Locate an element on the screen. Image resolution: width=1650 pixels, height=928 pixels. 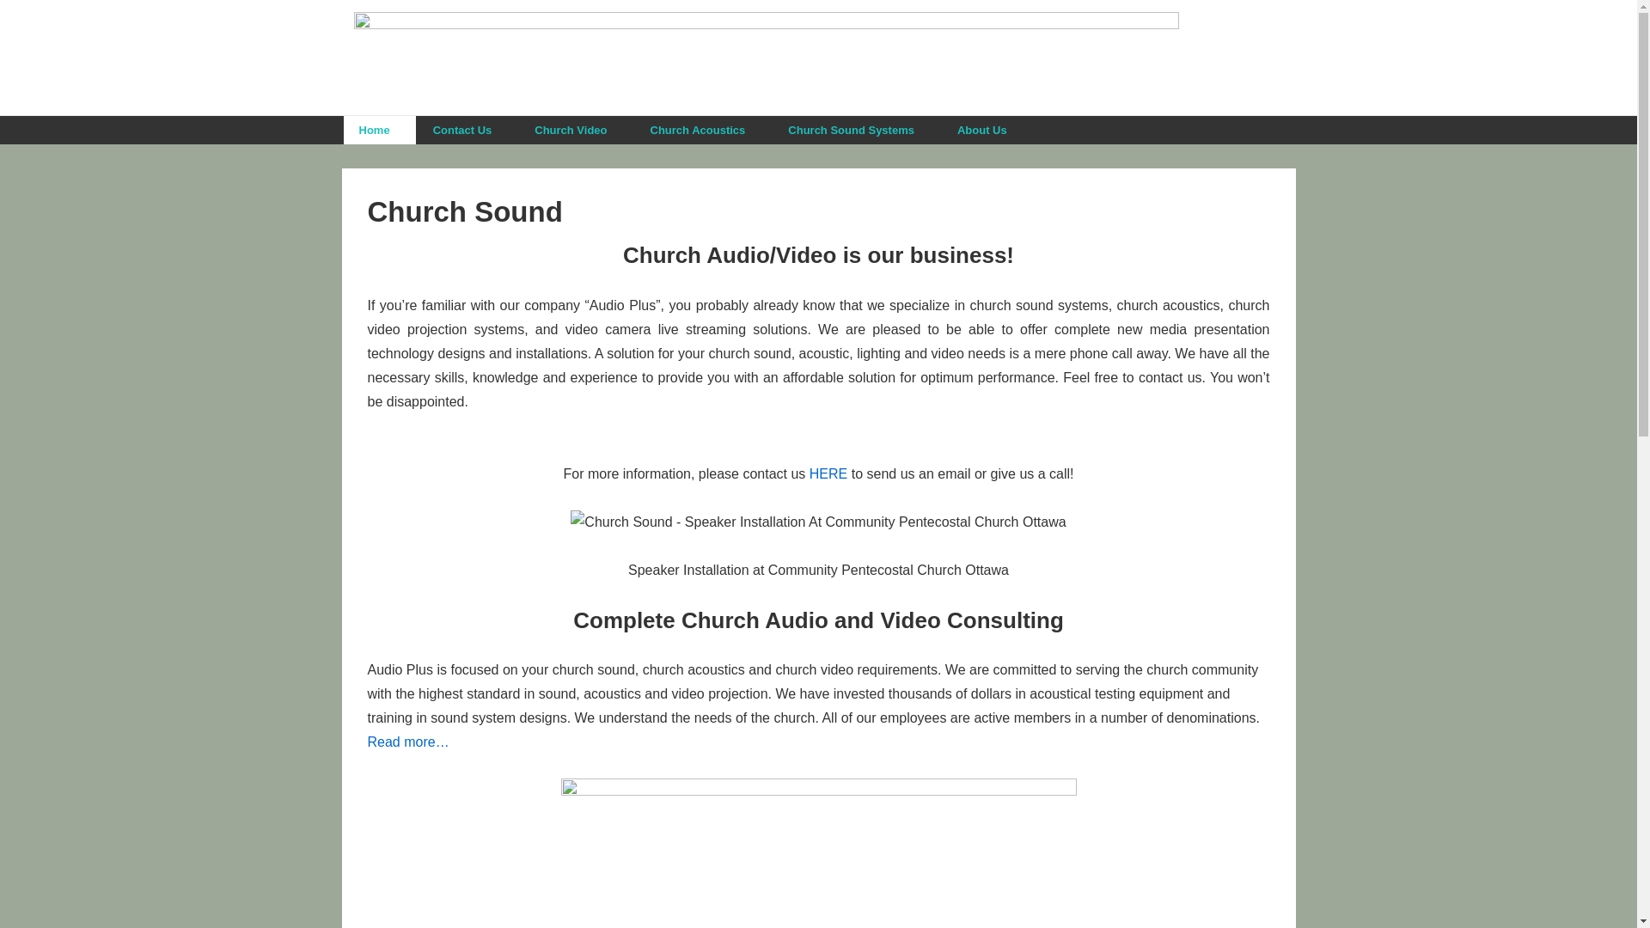
'Church Video' is located at coordinates (576, 129).